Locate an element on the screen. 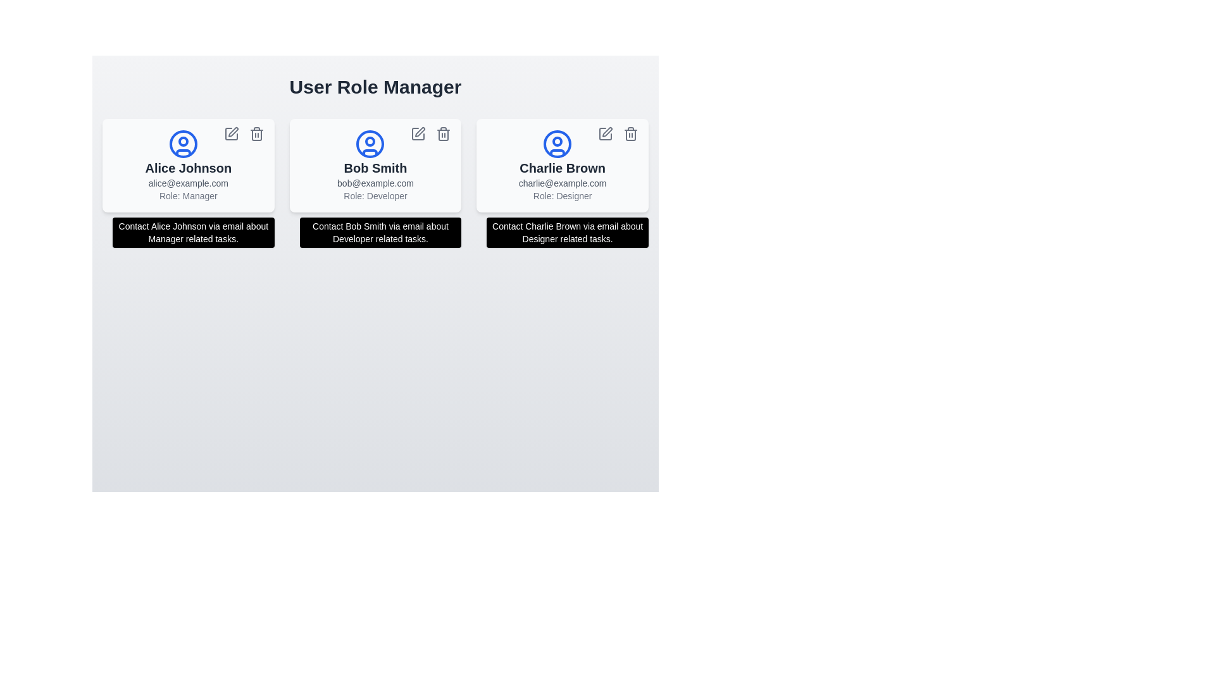 Image resolution: width=1215 pixels, height=683 pixels. the user profile icon, which is a blue circular icon located in the top-left section of the card for 'Charlie Brown' is located at coordinates (557, 143).